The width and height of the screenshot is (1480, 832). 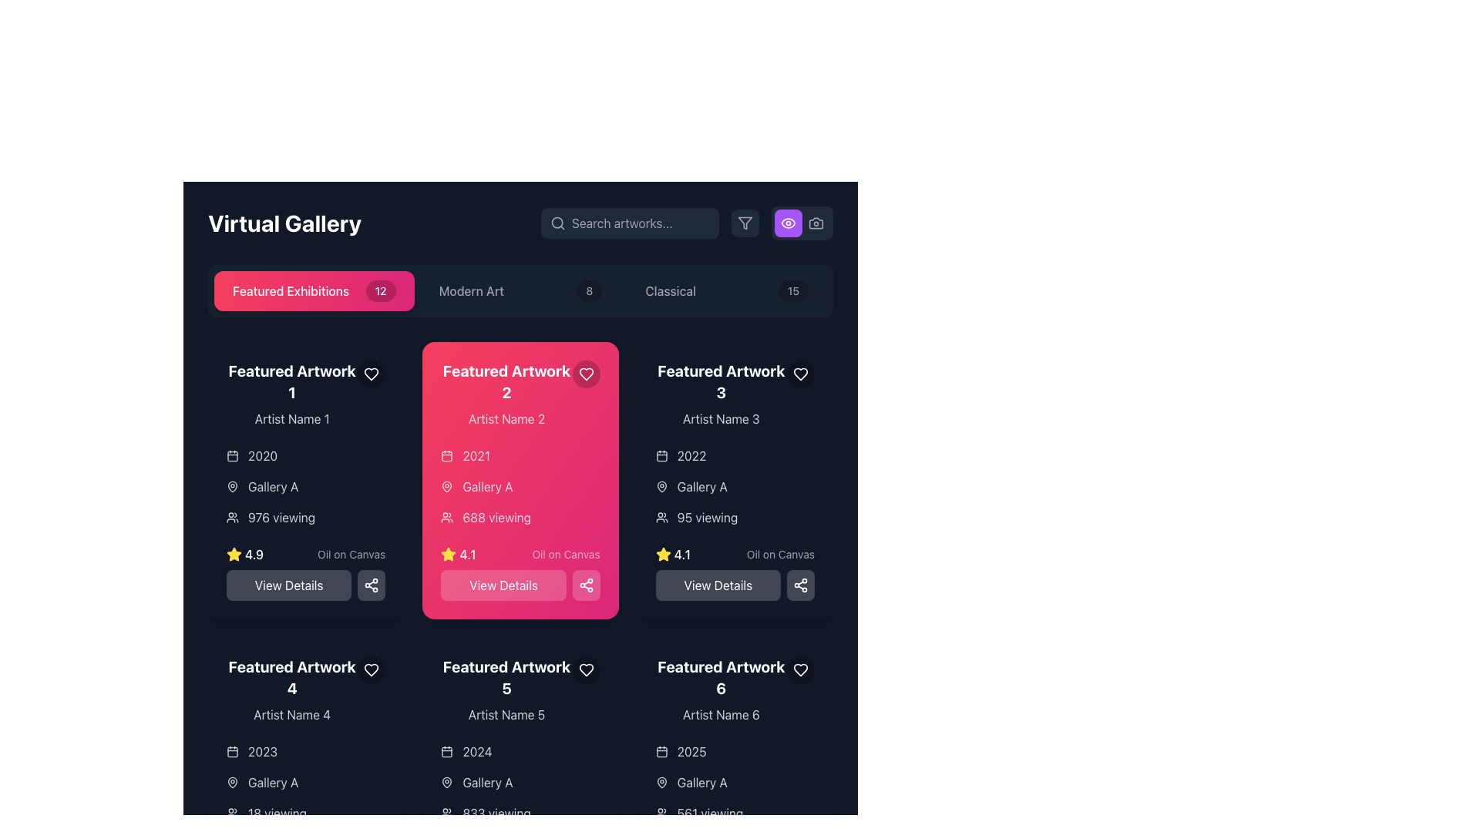 I want to click on the Text label displaying 'Gallery A', located in the leftmost card of the 'Featured Artworks' section, below the location icon, so click(x=273, y=487).